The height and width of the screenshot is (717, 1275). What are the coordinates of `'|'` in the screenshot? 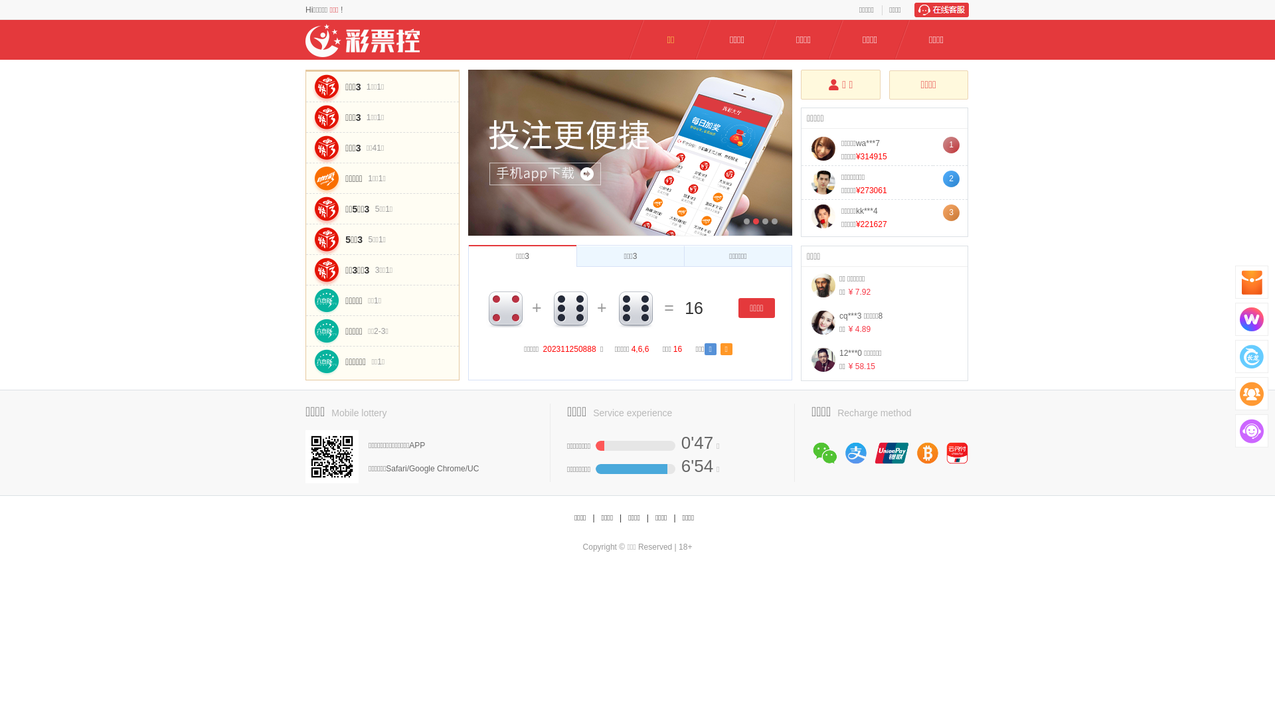 It's located at (673, 517).